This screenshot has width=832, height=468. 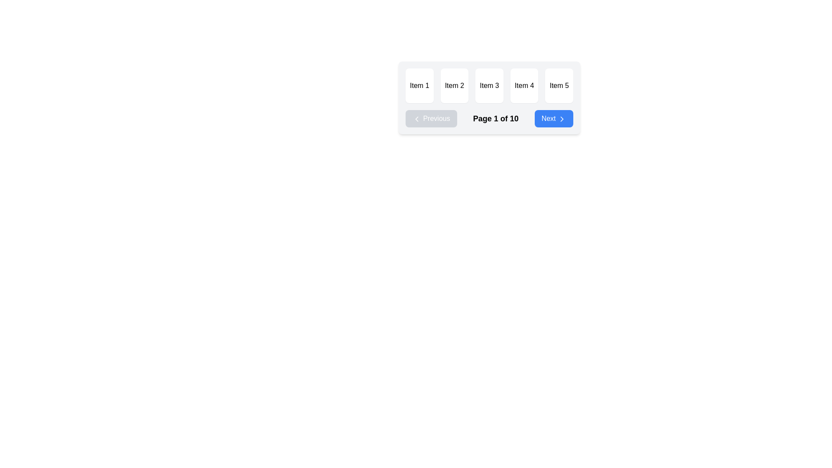 What do you see at coordinates (523, 85) in the screenshot?
I see `the selectable option labeled 'Item 4', which is the fourth item in a horizontally arranged grid of five components, located between 'Item 3' and 'Item 5'` at bounding box center [523, 85].